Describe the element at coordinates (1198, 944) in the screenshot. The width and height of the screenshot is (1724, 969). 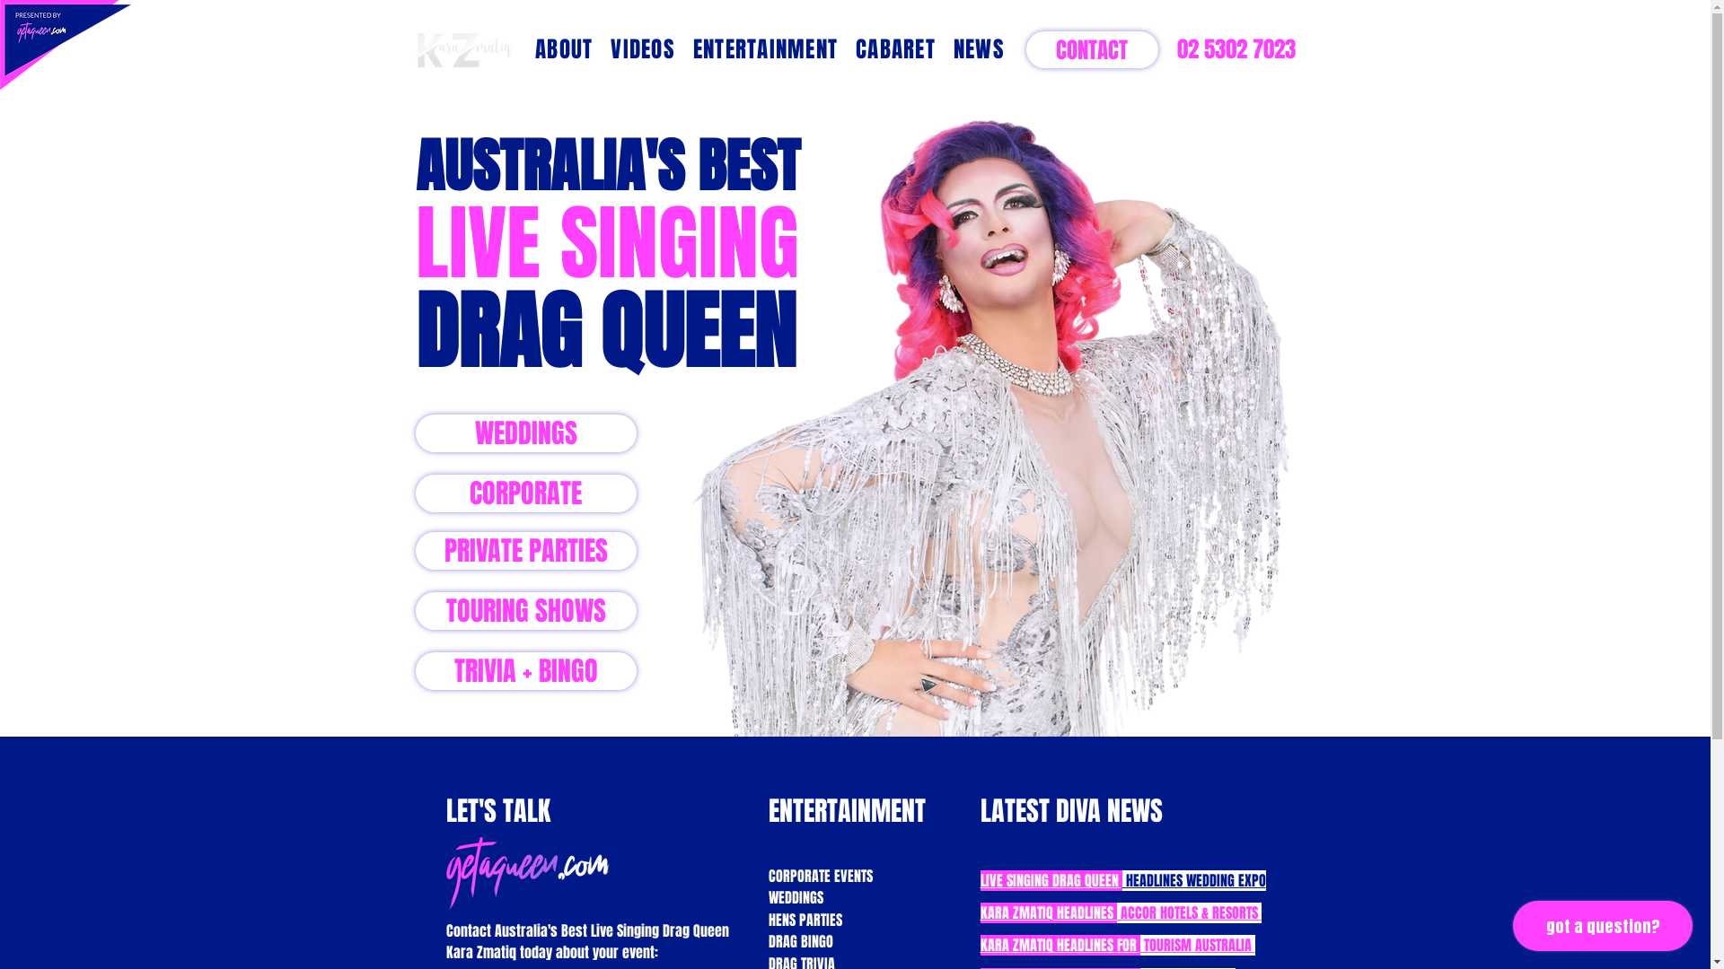
I see `' TOURISM AUSTRALIA '` at that location.